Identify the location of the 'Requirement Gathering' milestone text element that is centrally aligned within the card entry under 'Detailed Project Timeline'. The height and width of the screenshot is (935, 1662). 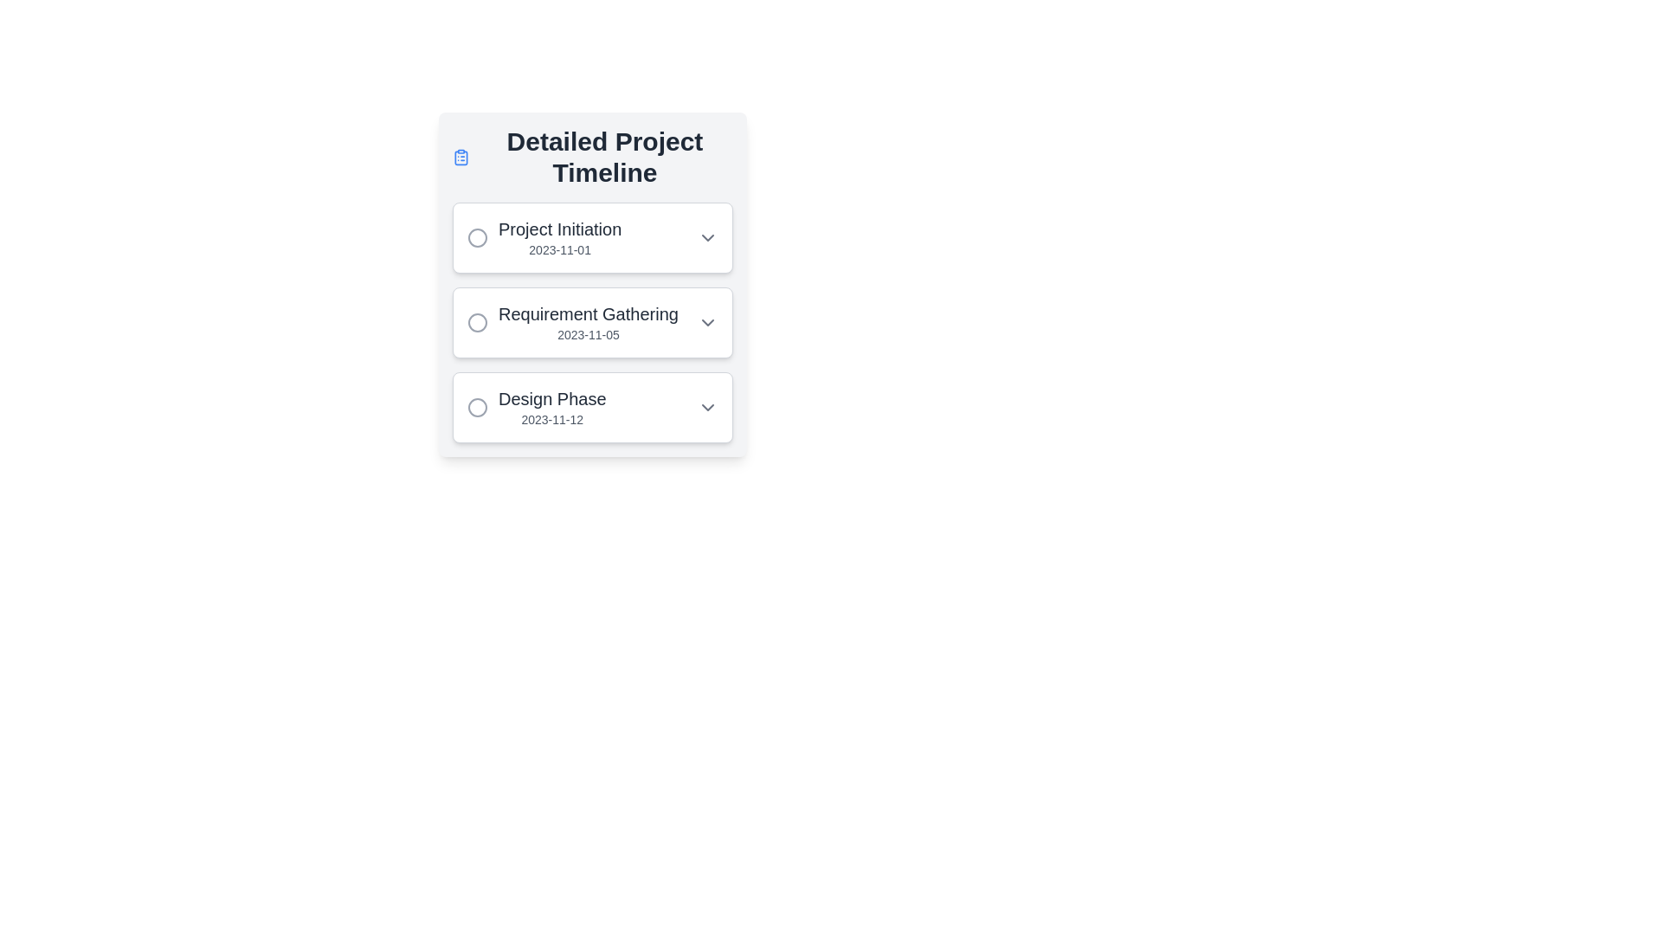
(588, 323).